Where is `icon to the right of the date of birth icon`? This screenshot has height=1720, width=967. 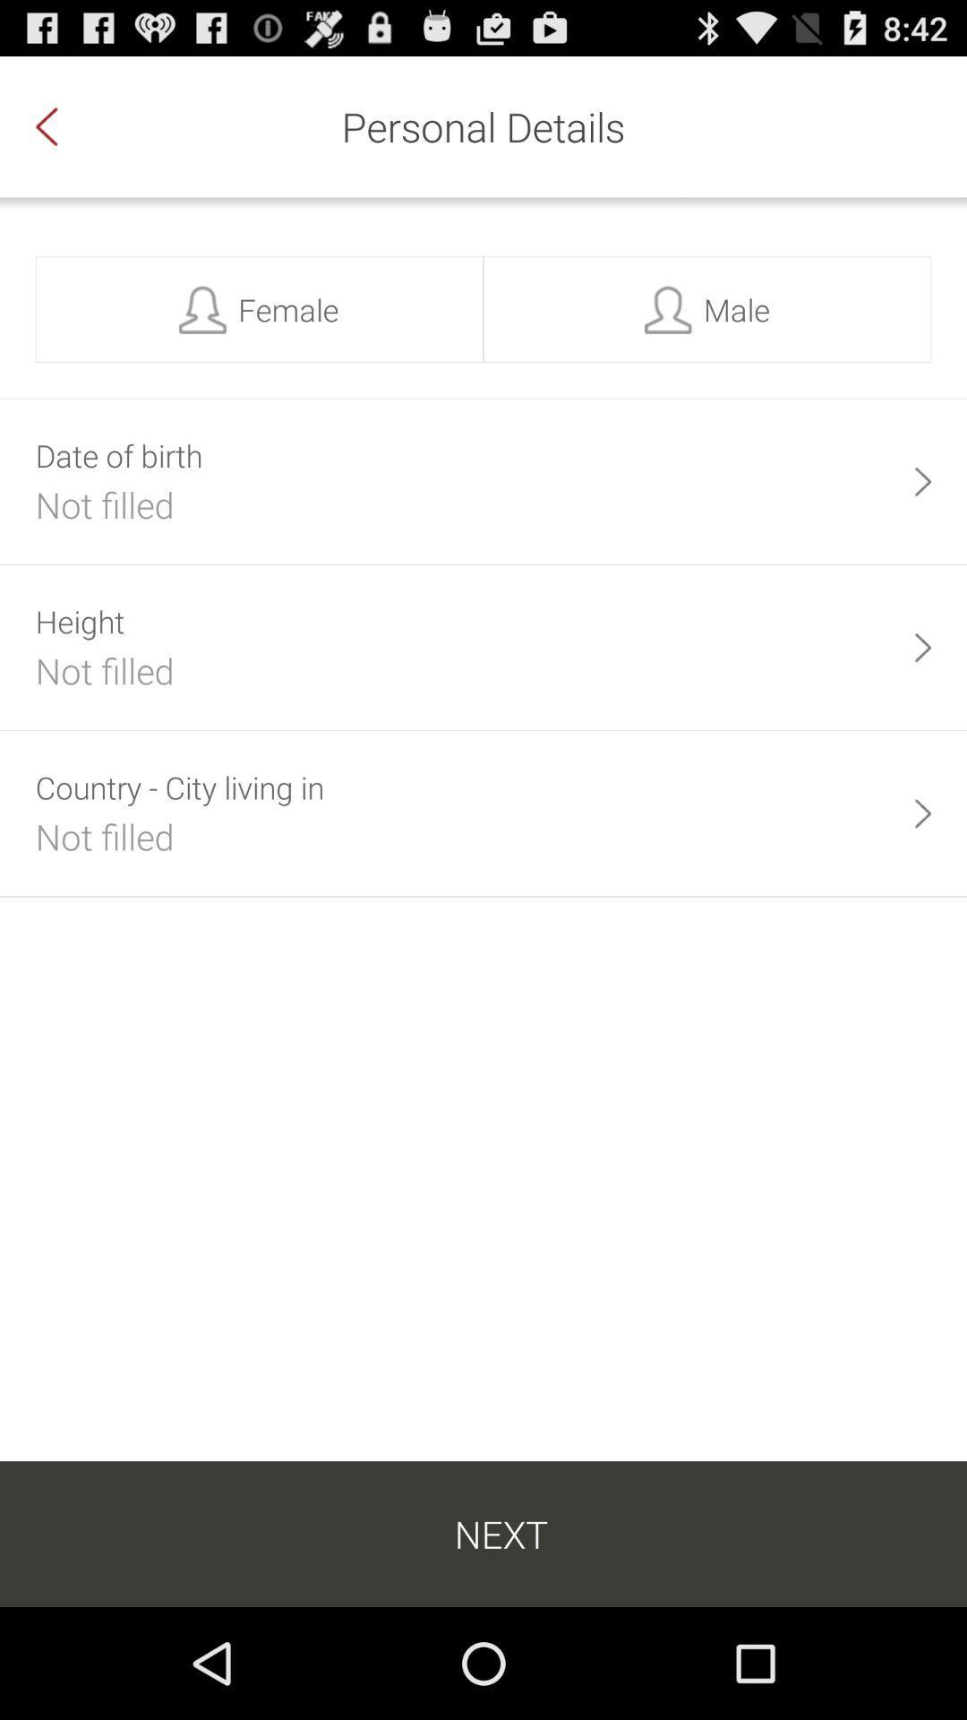
icon to the right of the date of birth icon is located at coordinates (922, 481).